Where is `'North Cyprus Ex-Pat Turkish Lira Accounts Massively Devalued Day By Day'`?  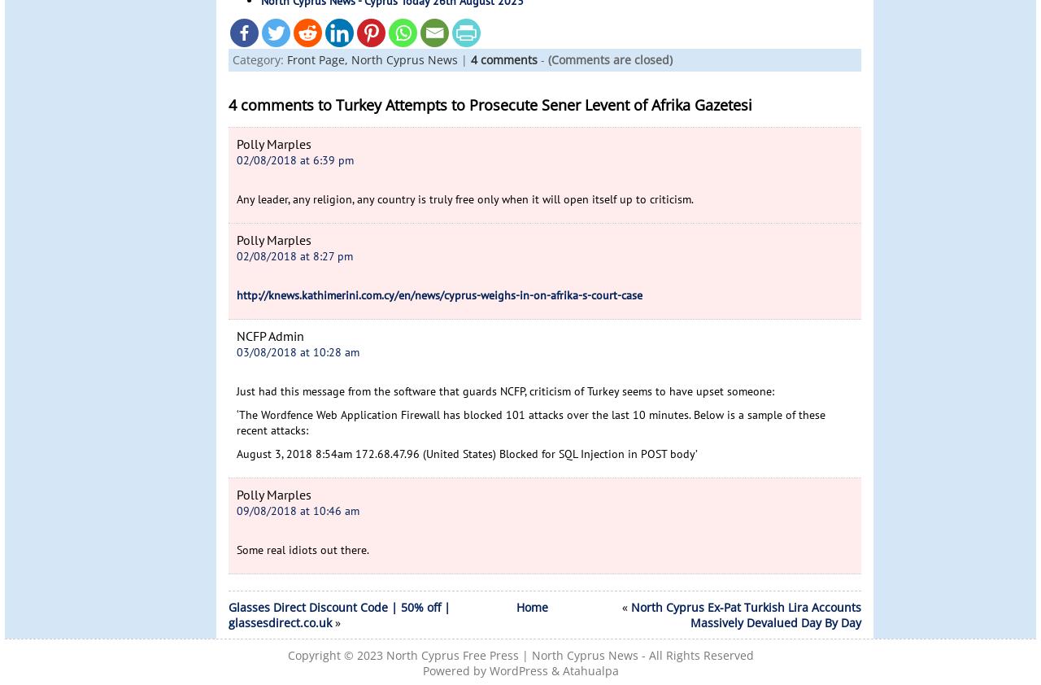
'North Cyprus Ex-Pat Turkish Lira Accounts Massively Devalued Day By Day' is located at coordinates (629, 615).